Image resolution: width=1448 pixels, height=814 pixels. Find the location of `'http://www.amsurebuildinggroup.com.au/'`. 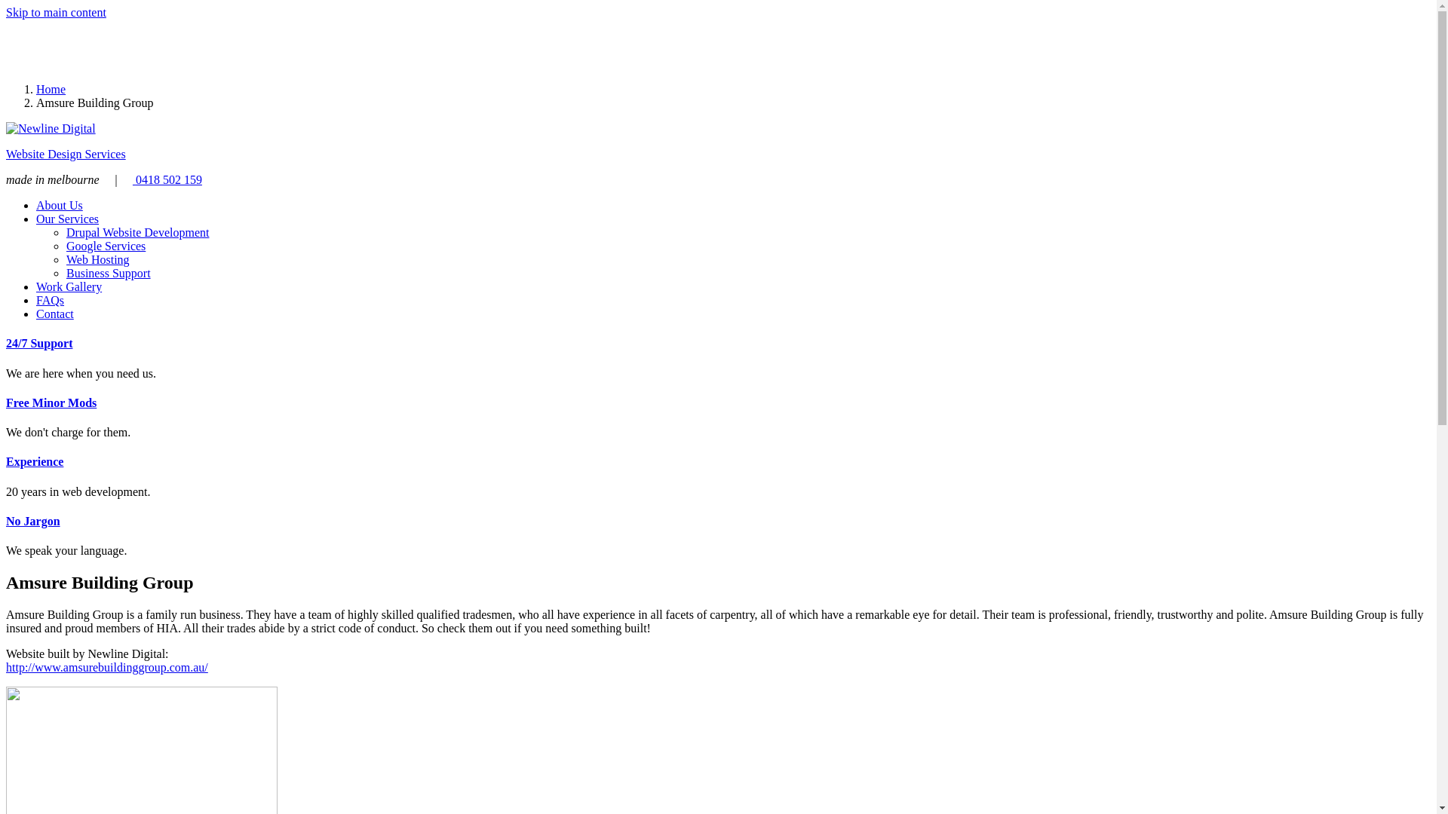

'http://www.amsurebuildinggroup.com.au/' is located at coordinates (6, 666).